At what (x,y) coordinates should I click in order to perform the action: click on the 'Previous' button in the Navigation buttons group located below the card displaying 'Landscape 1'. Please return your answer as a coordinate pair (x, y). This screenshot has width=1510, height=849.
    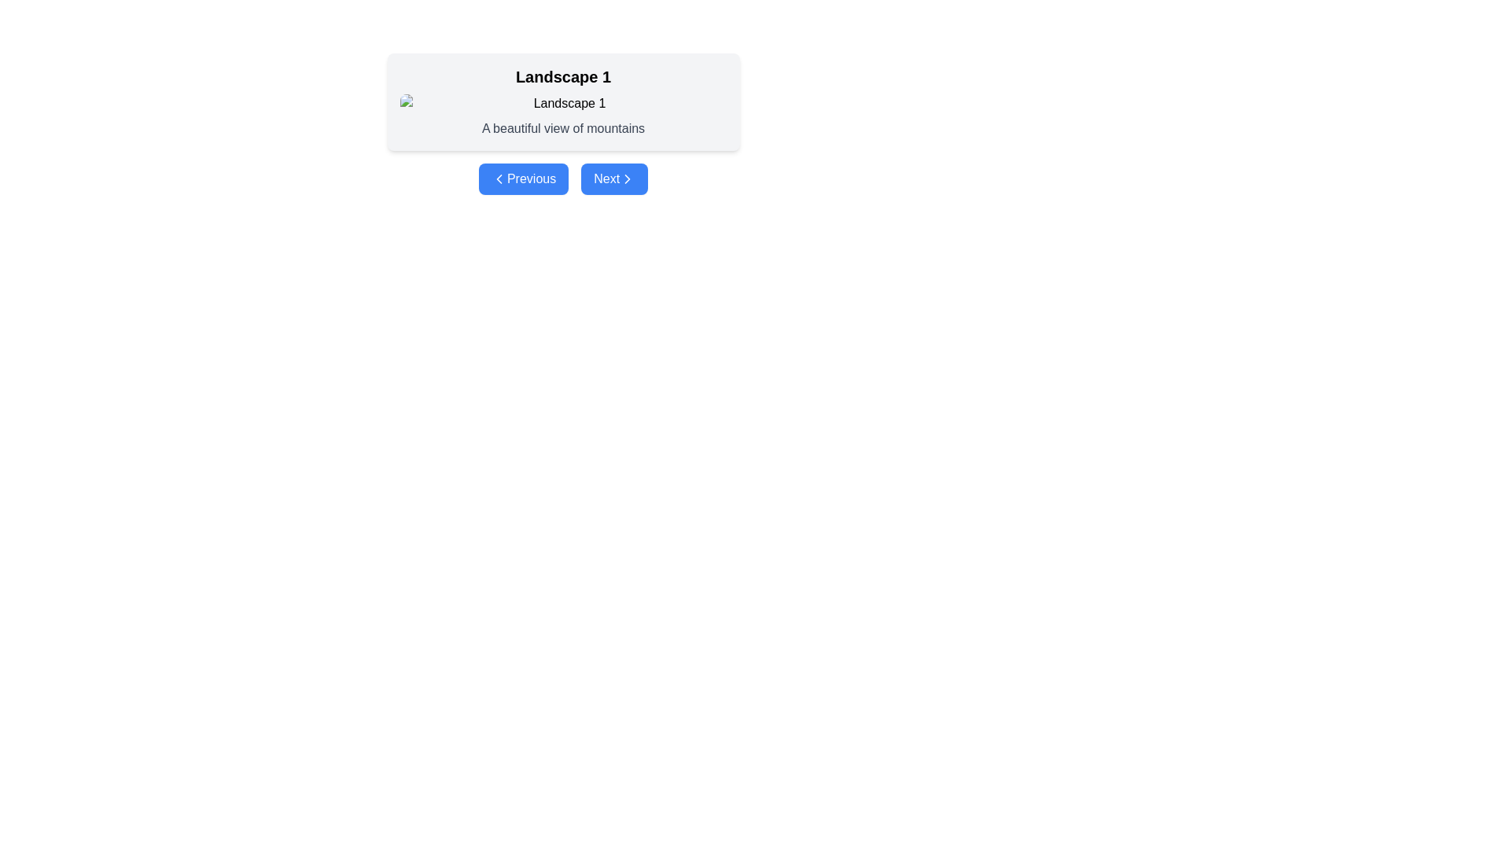
    Looking at the image, I should click on (563, 178).